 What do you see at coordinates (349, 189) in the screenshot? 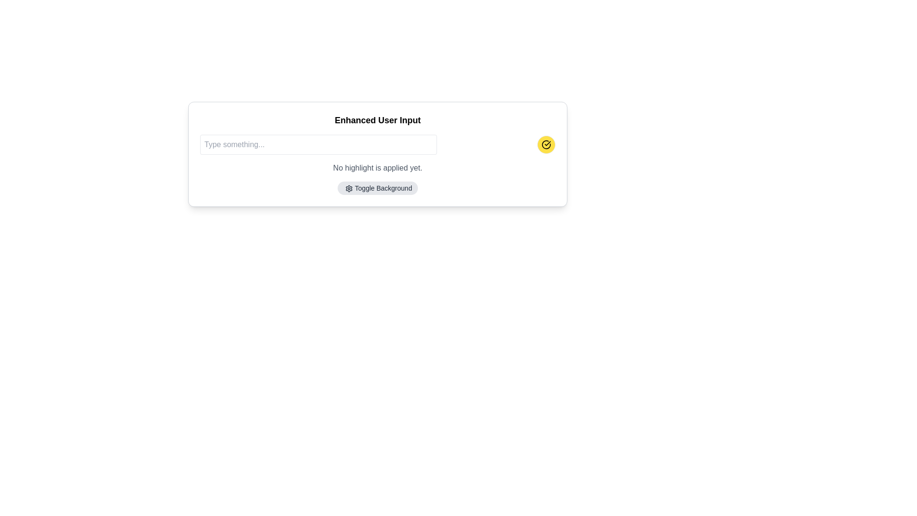
I see `the settings cogwheel icon located in the 'Toggle Background' button at the bottom of the 'Enhanced User Input' panel` at bounding box center [349, 189].